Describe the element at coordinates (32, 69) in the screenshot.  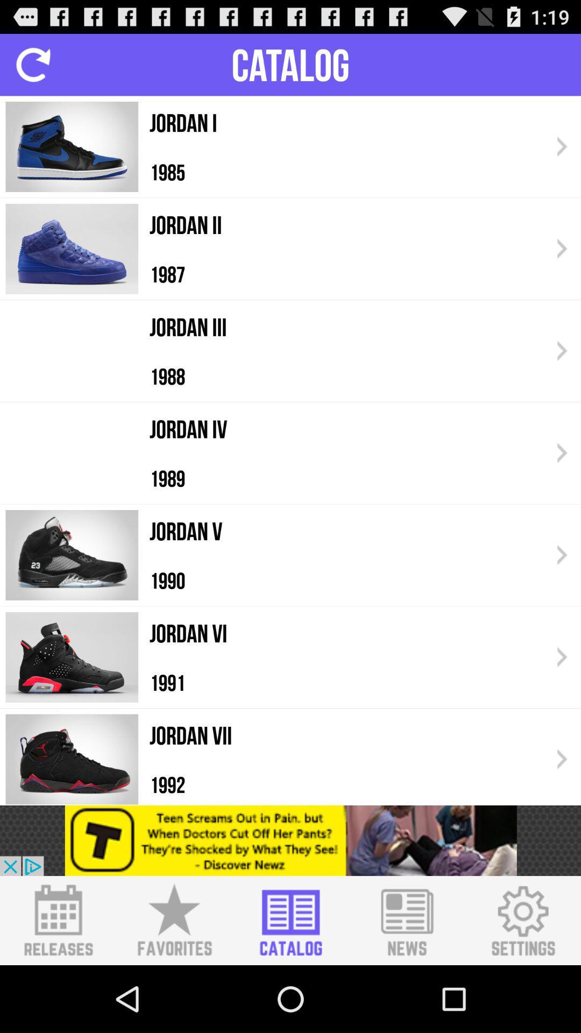
I see `the refresh icon` at that location.